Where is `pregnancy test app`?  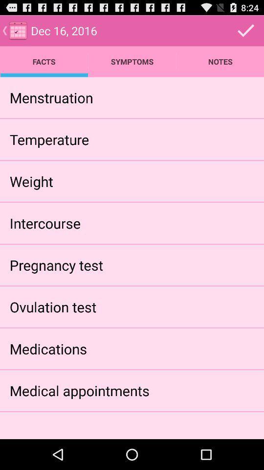
pregnancy test app is located at coordinates (56, 265).